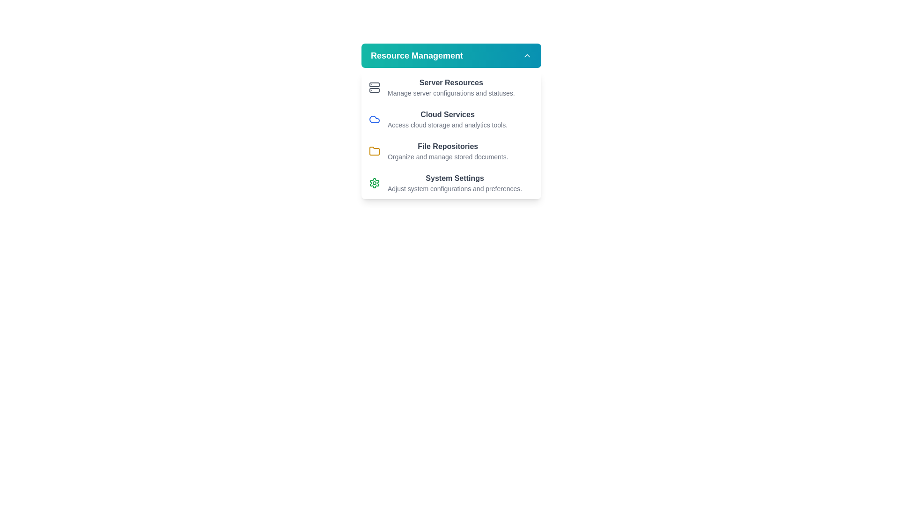  Describe the element at coordinates (375, 90) in the screenshot. I see `the middle decorative graphic bar in the server icon, which is located centrally on the interface near the 'Server Resources' text` at that location.